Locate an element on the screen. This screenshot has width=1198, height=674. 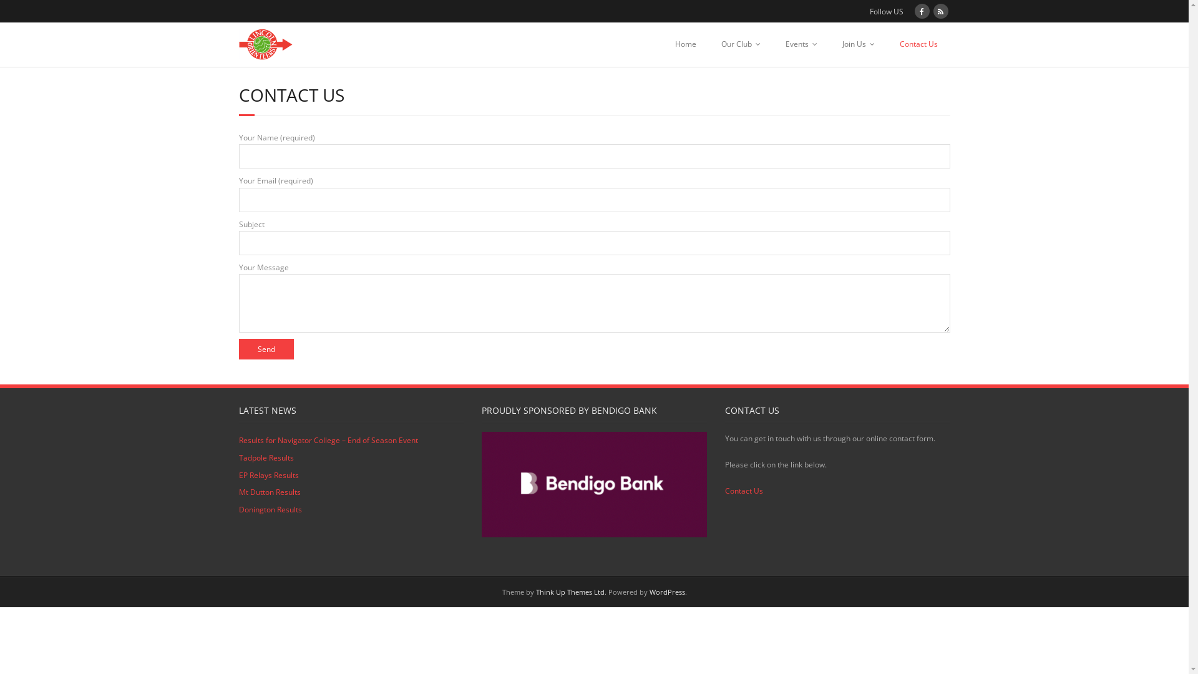
'Think Up Themes Ltd' is located at coordinates (568, 590).